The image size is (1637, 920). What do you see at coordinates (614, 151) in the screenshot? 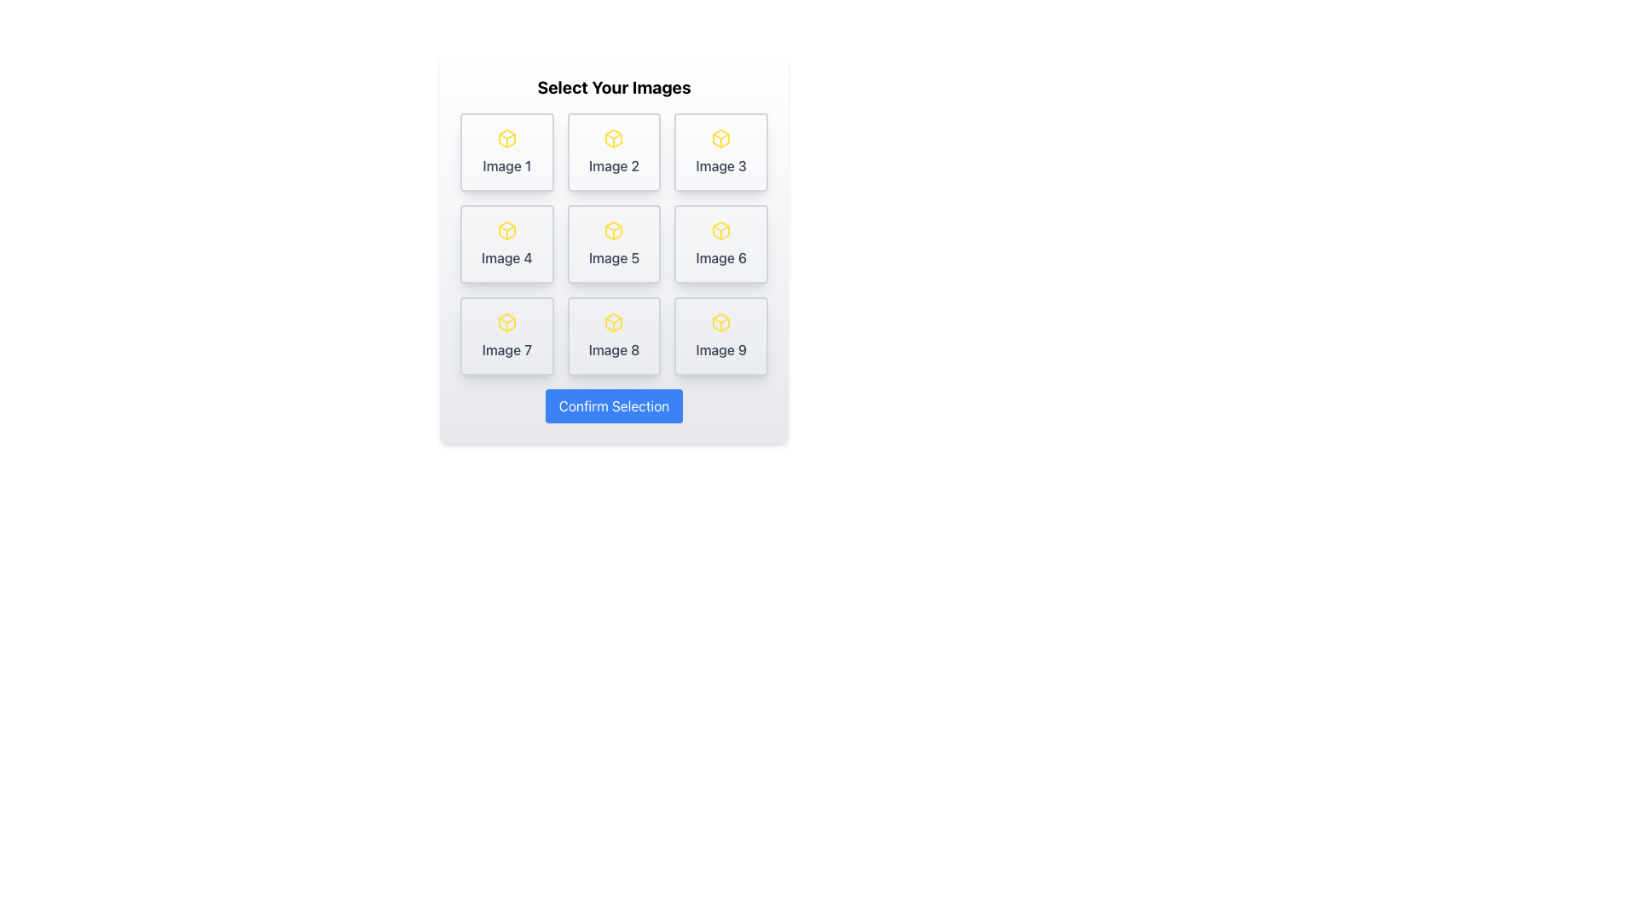
I see `the clickable card or tile with a yellow outlined cube icon and the text 'Image 2' in the middle row, first column of a 3x3 grid arrangement` at bounding box center [614, 151].